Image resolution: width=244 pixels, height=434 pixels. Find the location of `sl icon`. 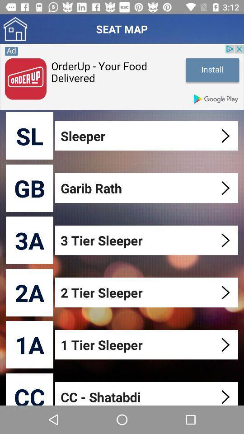

sl icon is located at coordinates (29, 135).